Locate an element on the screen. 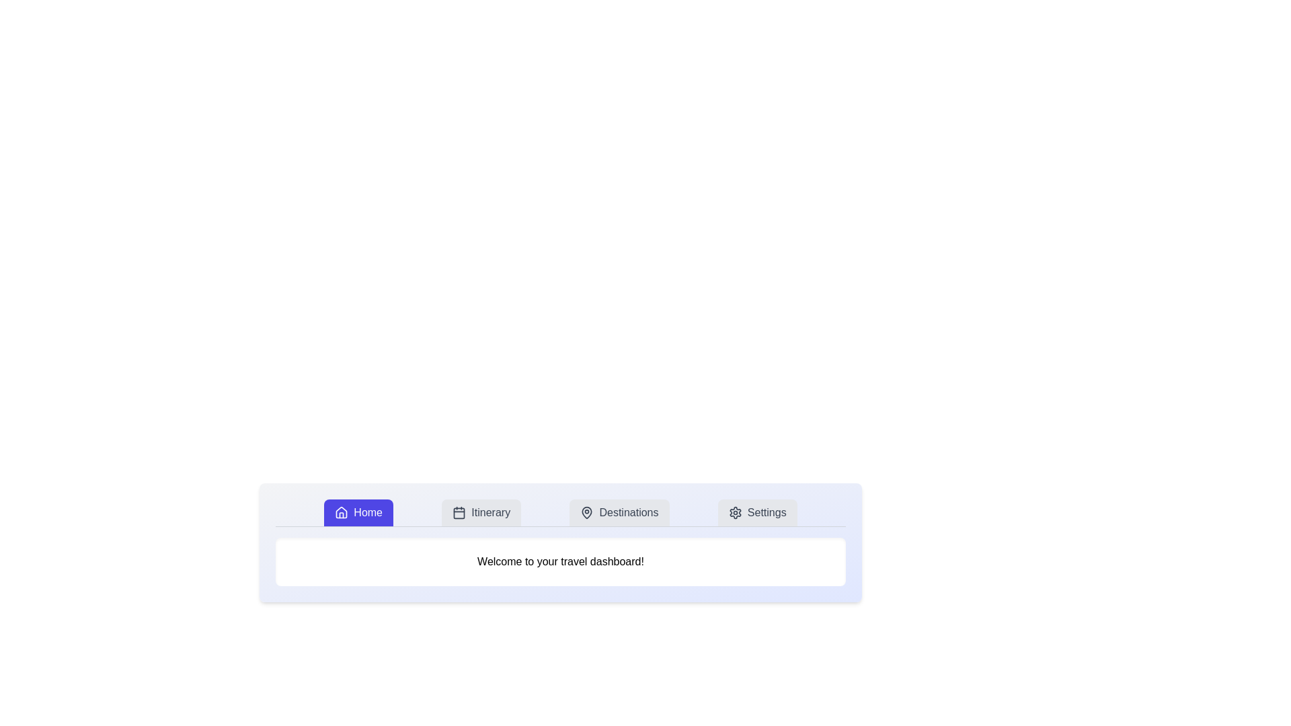 The image size is (1291, 726). the Navigation Bar for keyboard accessibility is located at coordinates (561, 513).